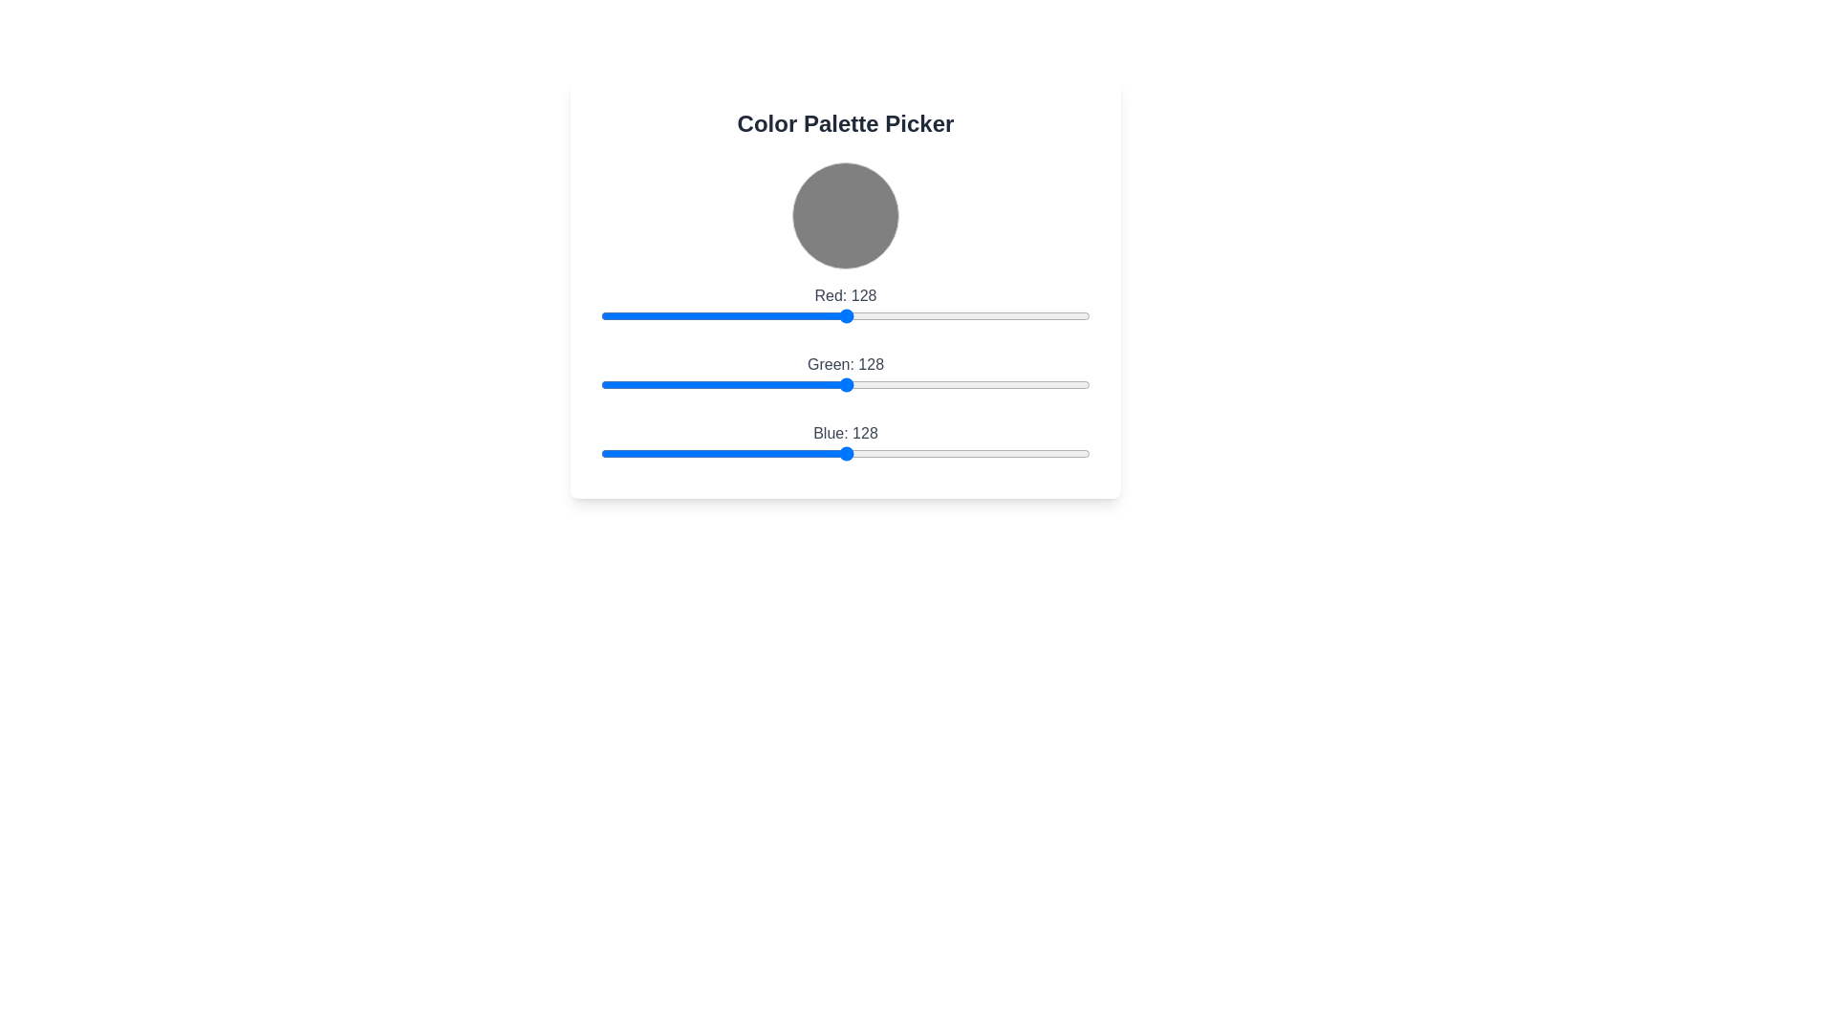 The image size is (1835, 1032). I want to click on the red color component, so click(840, 315).